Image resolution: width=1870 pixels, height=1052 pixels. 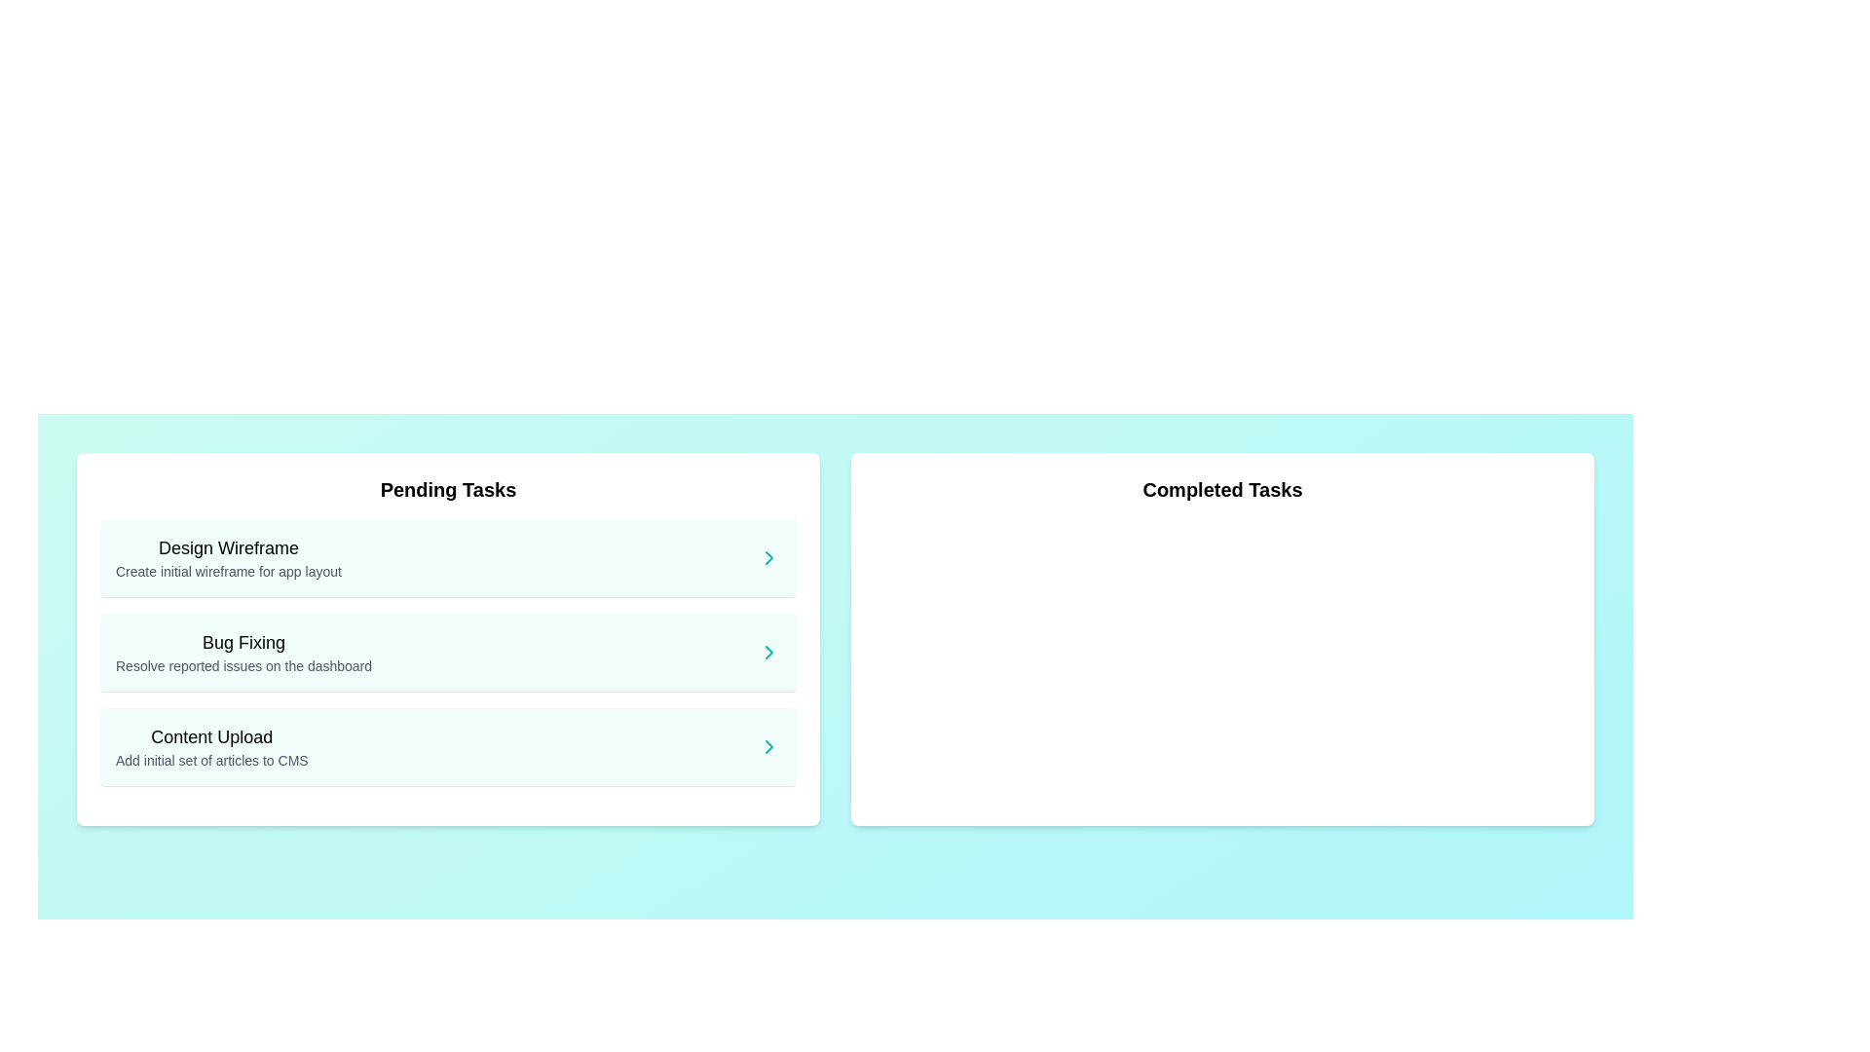 I want to click on the 'Content Upload' static text block, which is the third task listed under the 'Pending Tasks' column, below 'Design Wireframe' and 'Bug Fixing', so click(x=211, y=746).